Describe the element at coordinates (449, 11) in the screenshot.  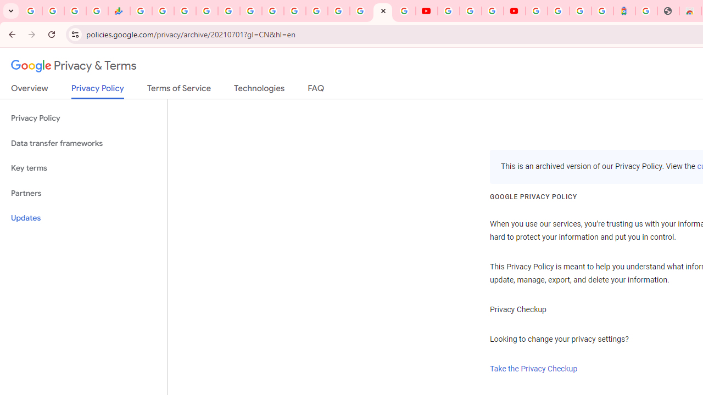
I see `'YouTube'` at that location.